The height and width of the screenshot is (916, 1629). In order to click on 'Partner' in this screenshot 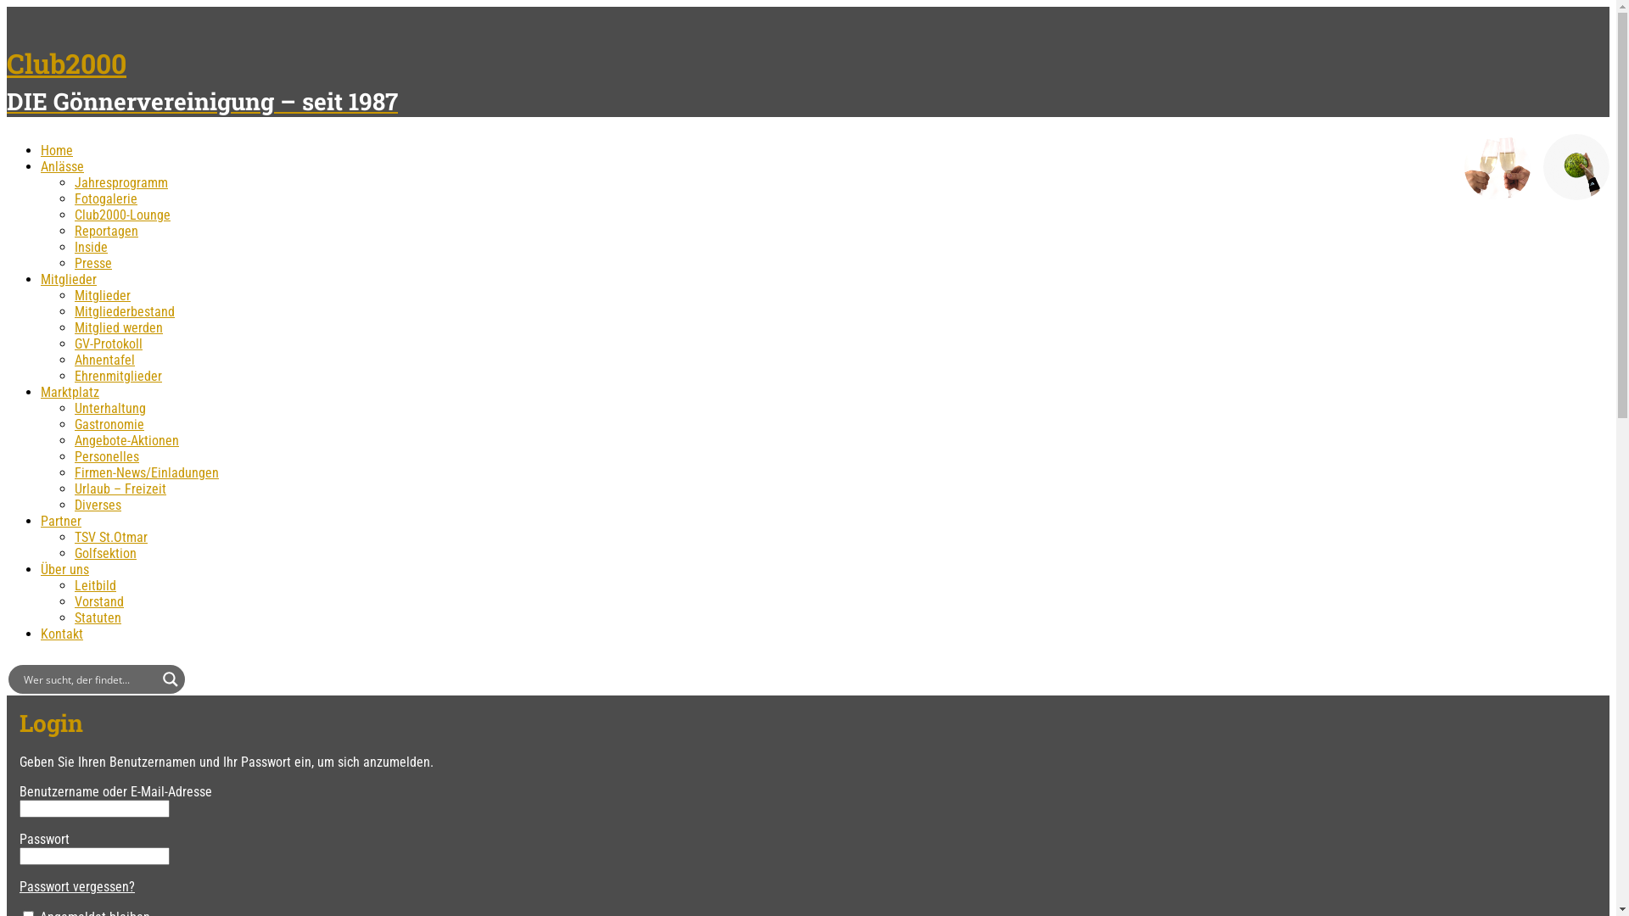, I will do `click(61, 520)`.